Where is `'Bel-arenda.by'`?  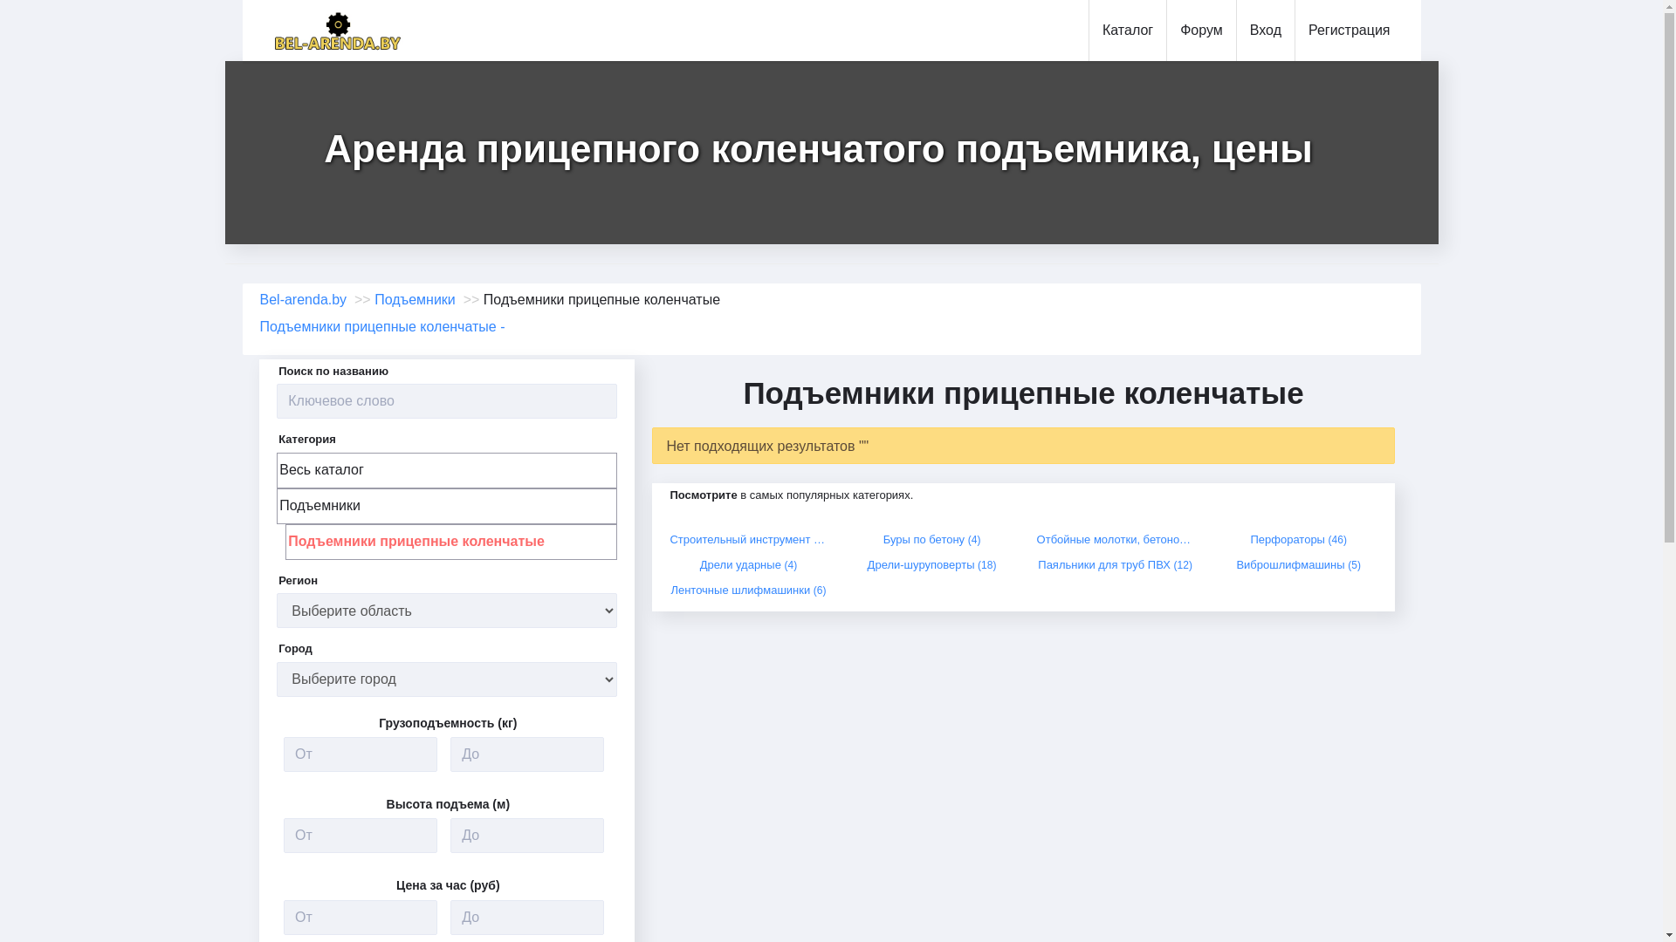
'Bel-arenda.by' is located at coordinates (304, 298).